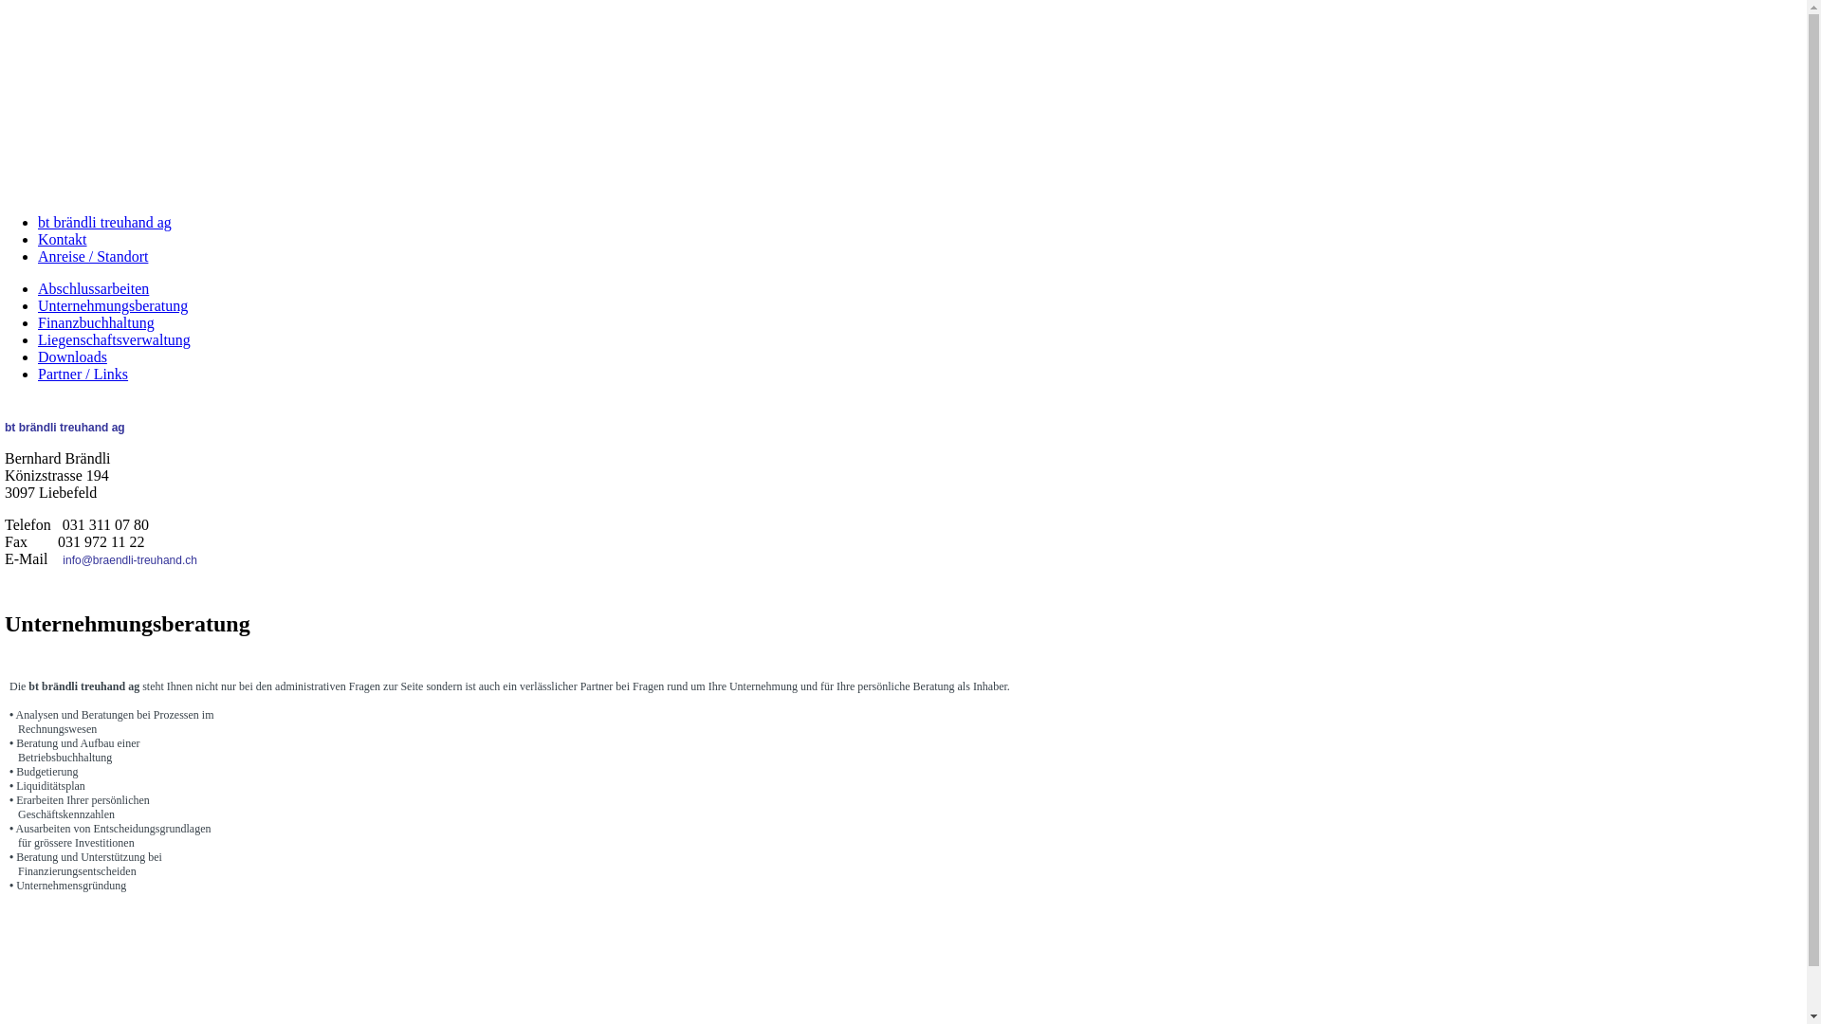 This screenshot has height=1024, width=1821. I want to click on 'Abschlussarbeiten', so click(92, 288).